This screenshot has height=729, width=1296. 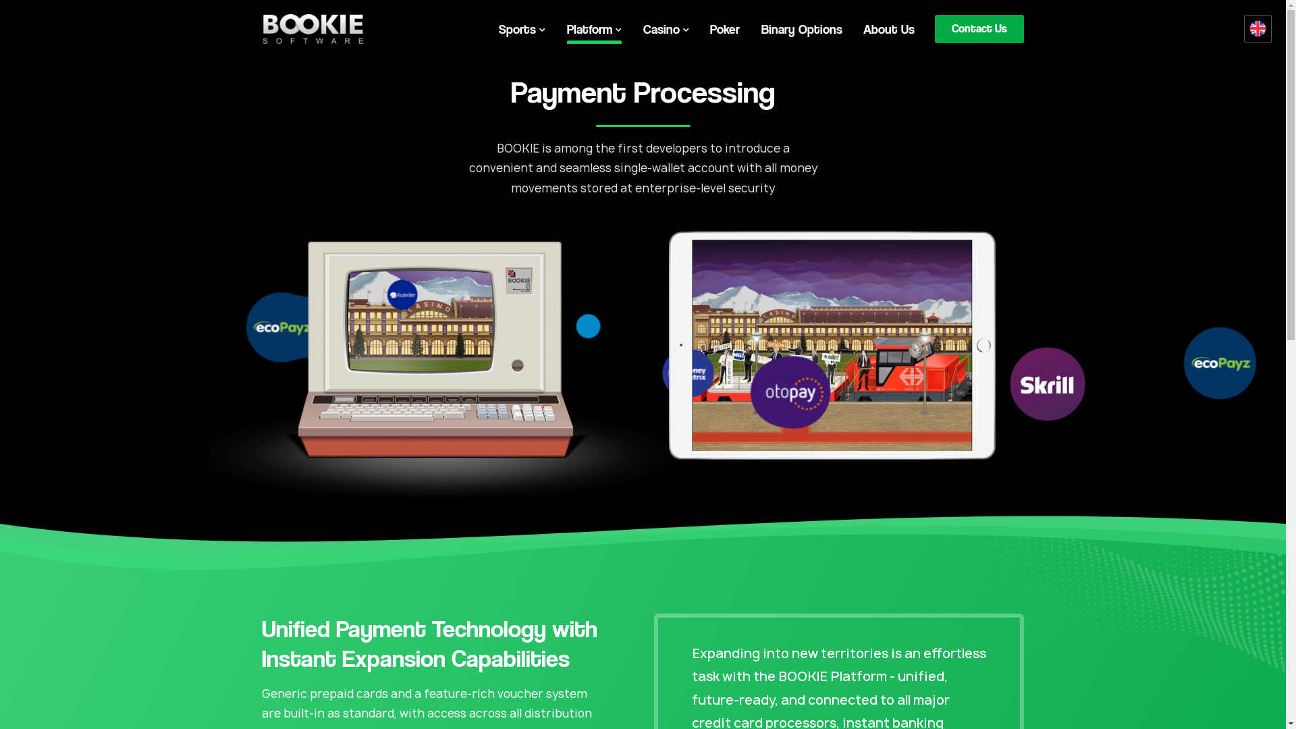 What do you see at coordinates (890, 26) in the screenshot?
I see `'Contact Us'` at bounding box center [890, 26].